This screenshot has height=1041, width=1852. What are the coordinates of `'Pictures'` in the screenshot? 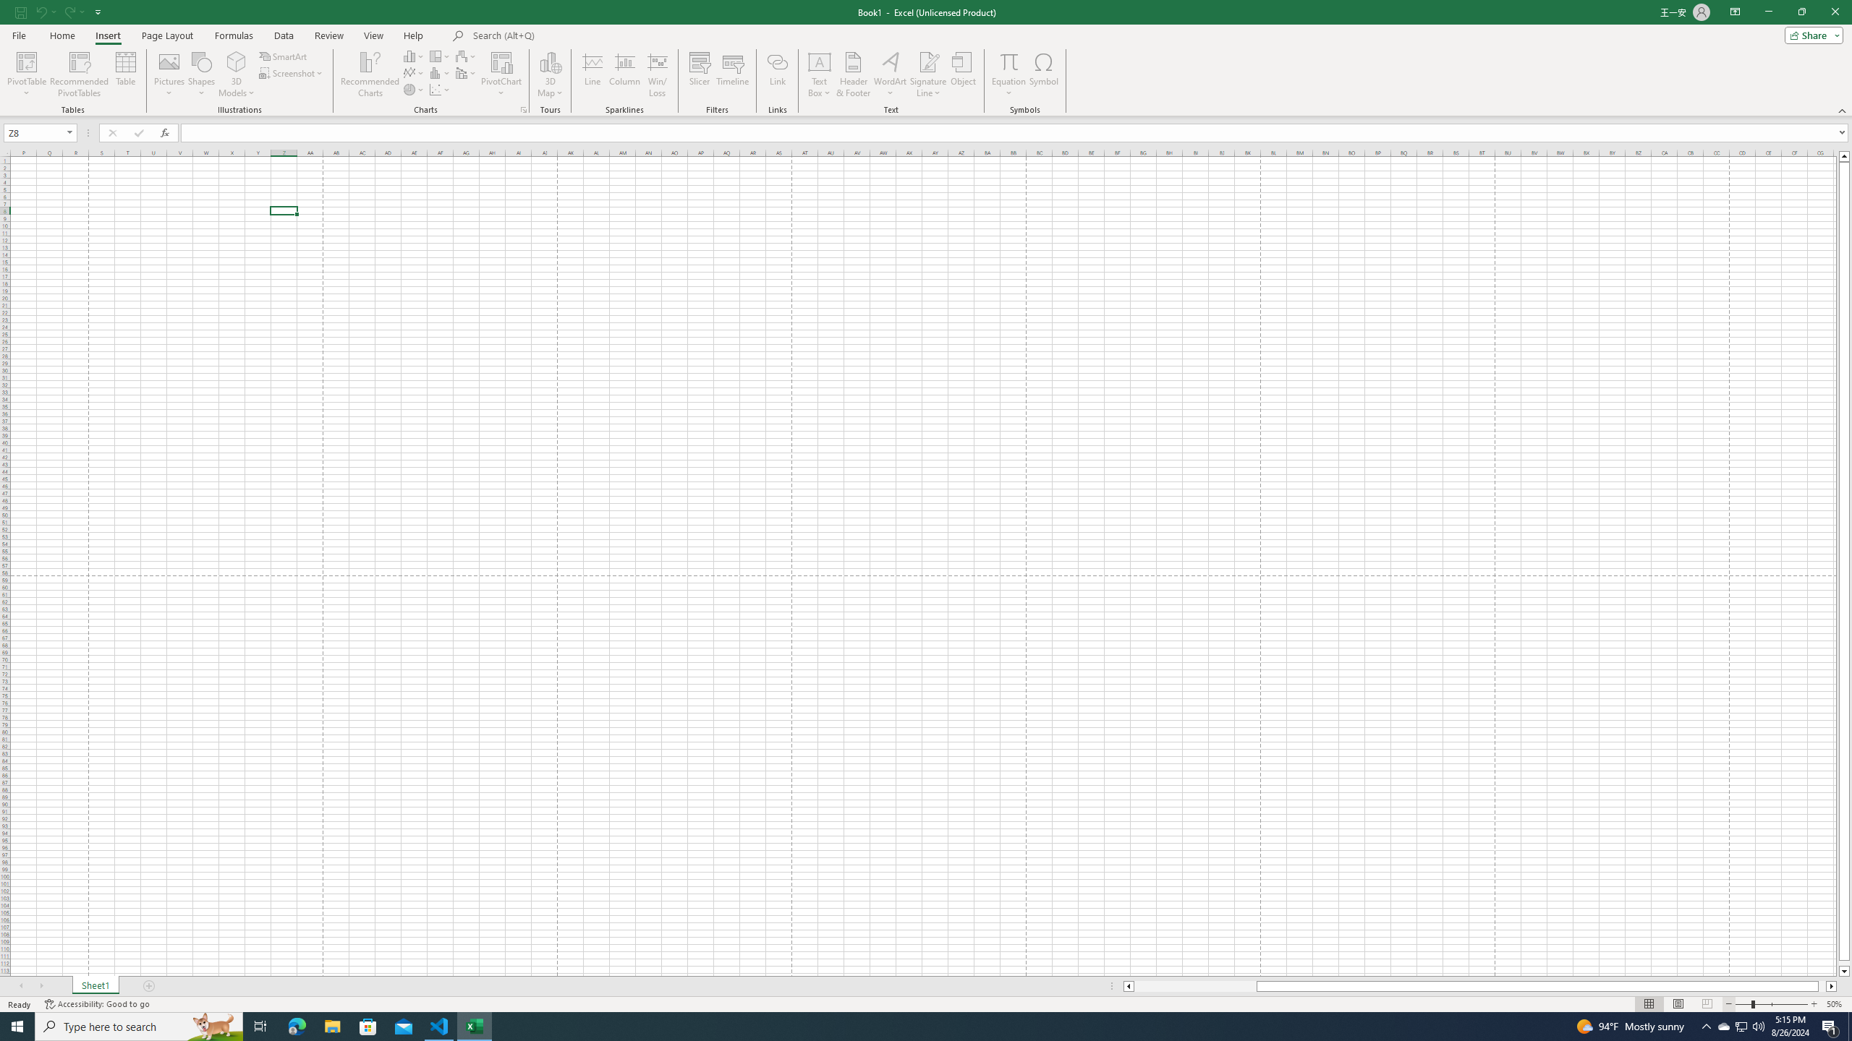 It's located at (169, 74).